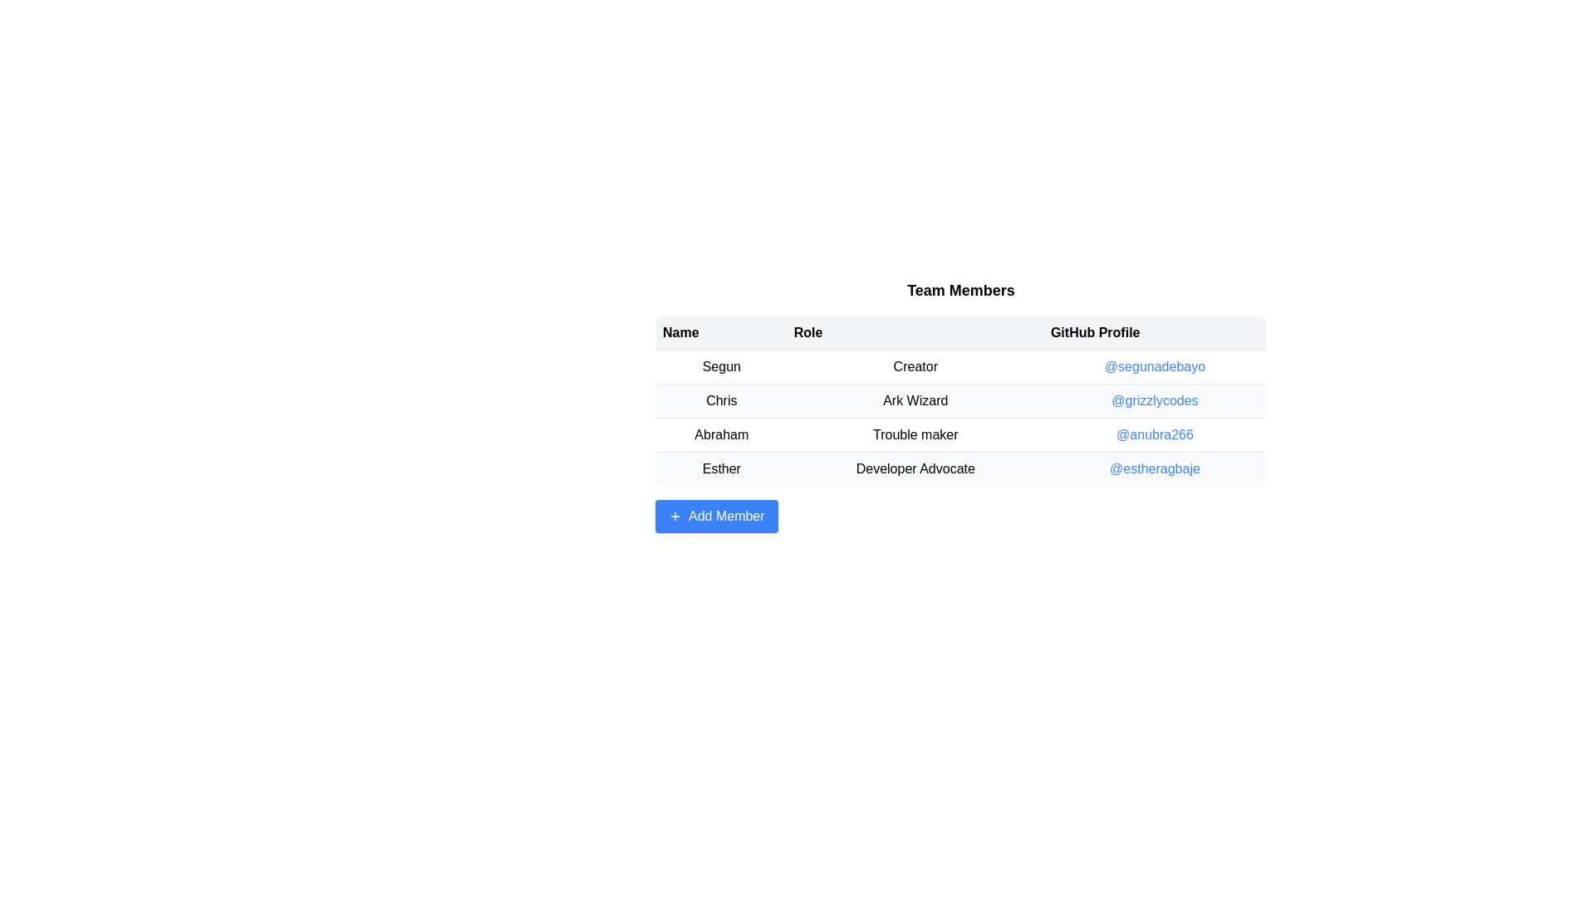 The image size is (1595, 897). I want to click on the clickable hyperlink text for the GitHub profile of user '@anubra266' located, so click(1154, 434).